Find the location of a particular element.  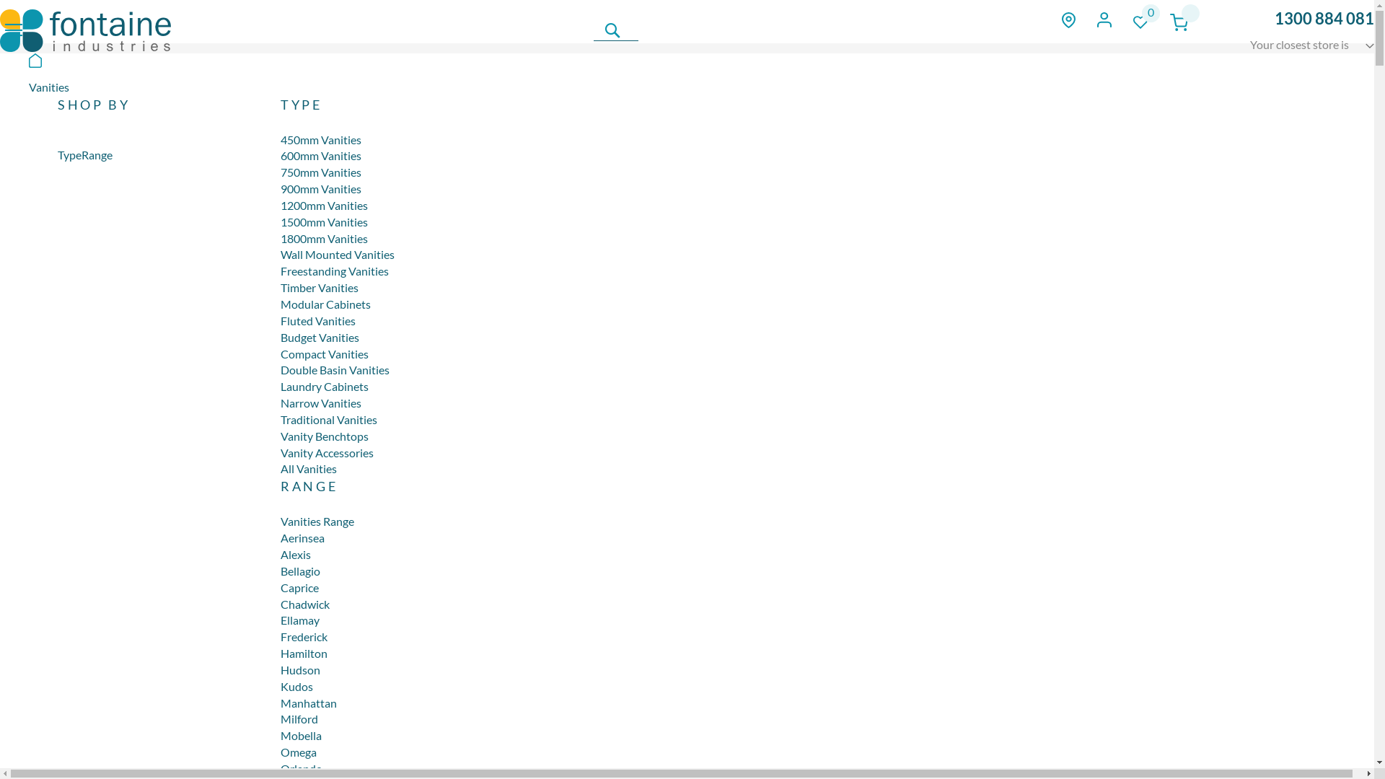

'bathroom supplies' is located at coordinates (84, 30).